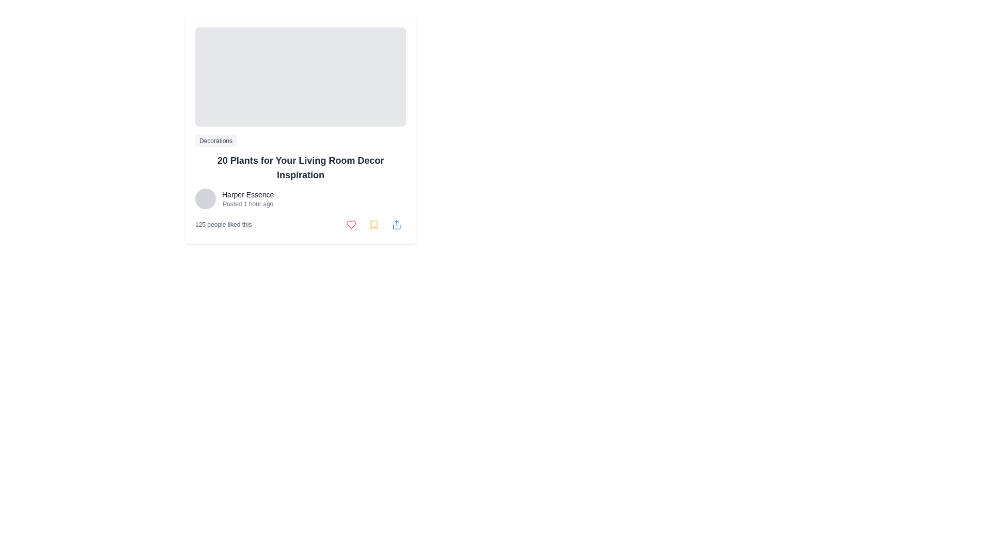  What do you see at coordinates (248, 204) in the screenshot?
I see `the timestamp text label located below 'Harper Essence' in the card layout, which displays when the content was posted` at bounding box center [248, 204].